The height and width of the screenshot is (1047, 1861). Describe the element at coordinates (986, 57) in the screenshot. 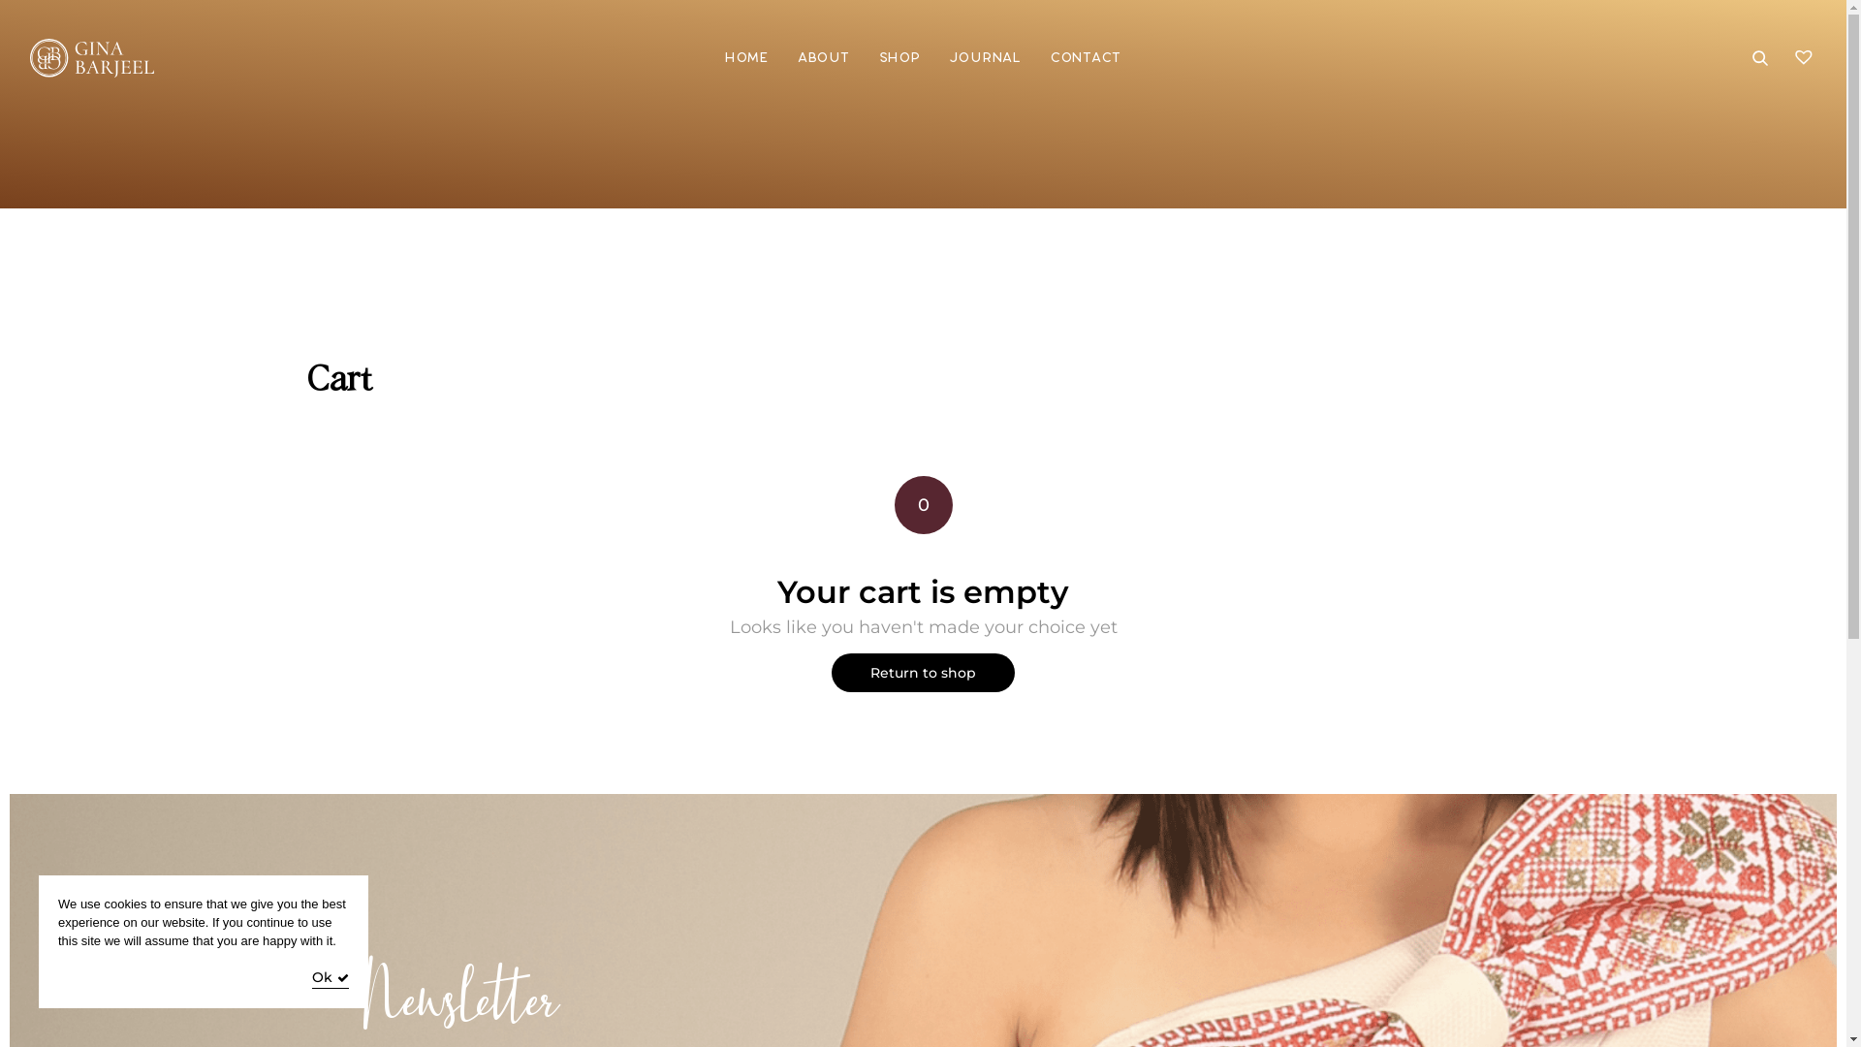

I see `'Journal'` at that location.